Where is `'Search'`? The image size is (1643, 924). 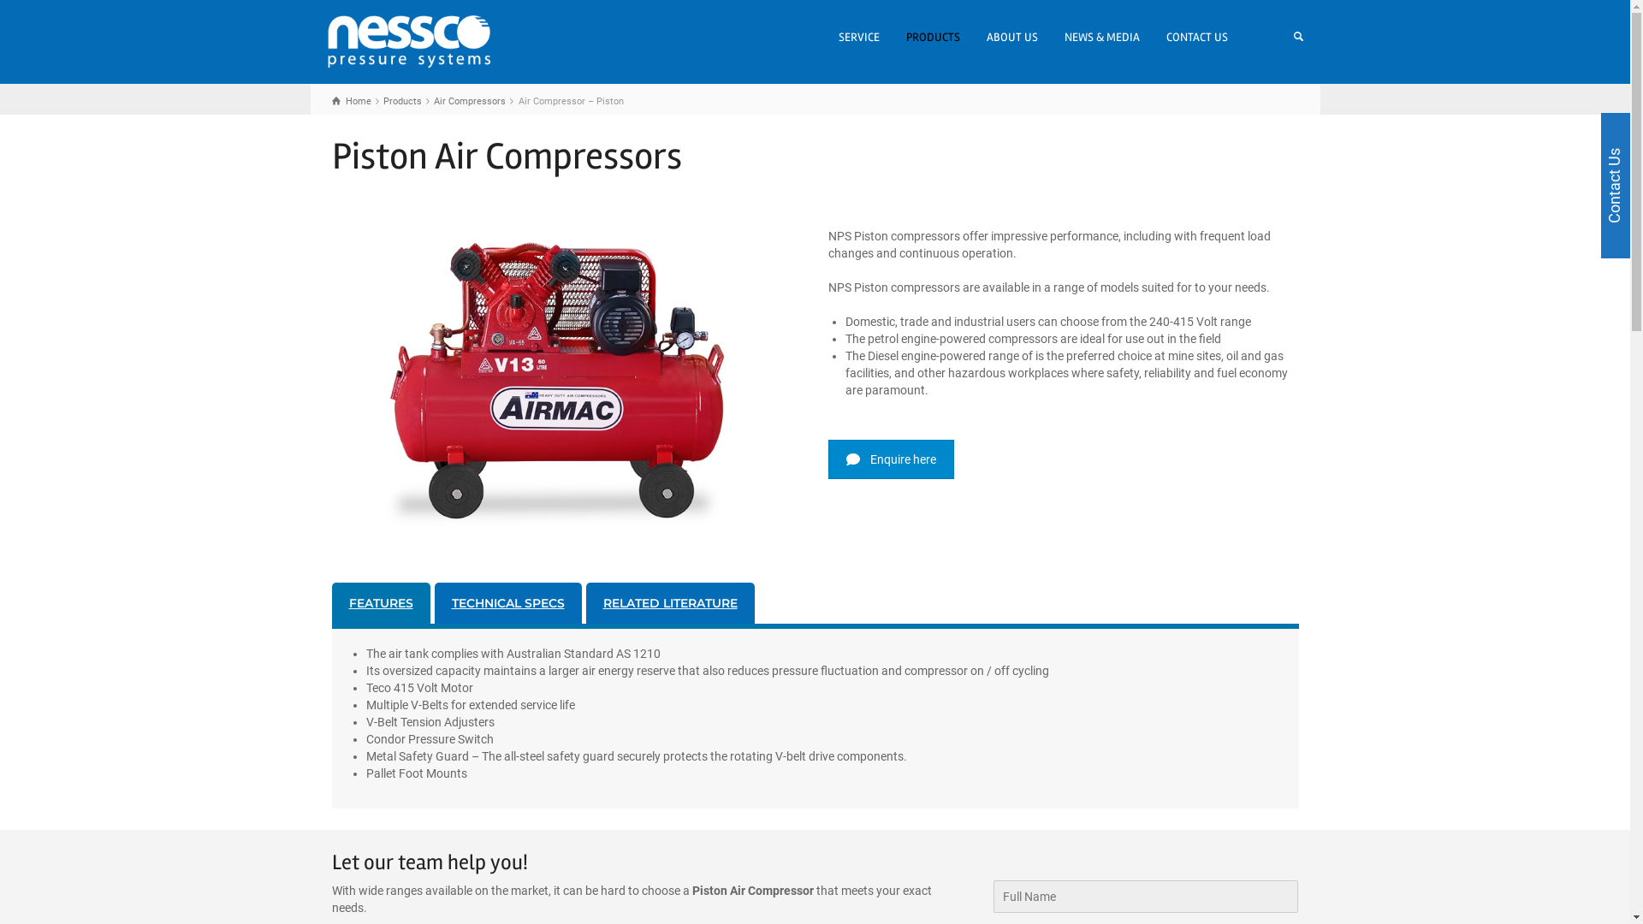
'Search' is located at coordinates (1281, 37).